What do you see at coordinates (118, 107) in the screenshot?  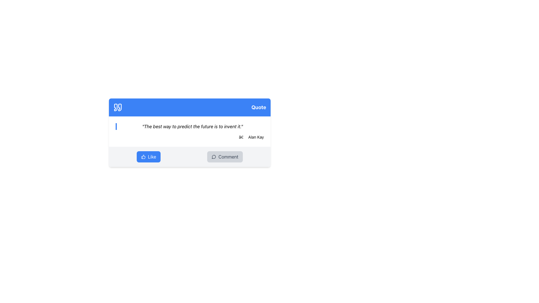 I see `the quote icon located at the top left side of the blue header area, which features a modern stroke-line style double quotation mark symbol` at bounding box center [118, 107].